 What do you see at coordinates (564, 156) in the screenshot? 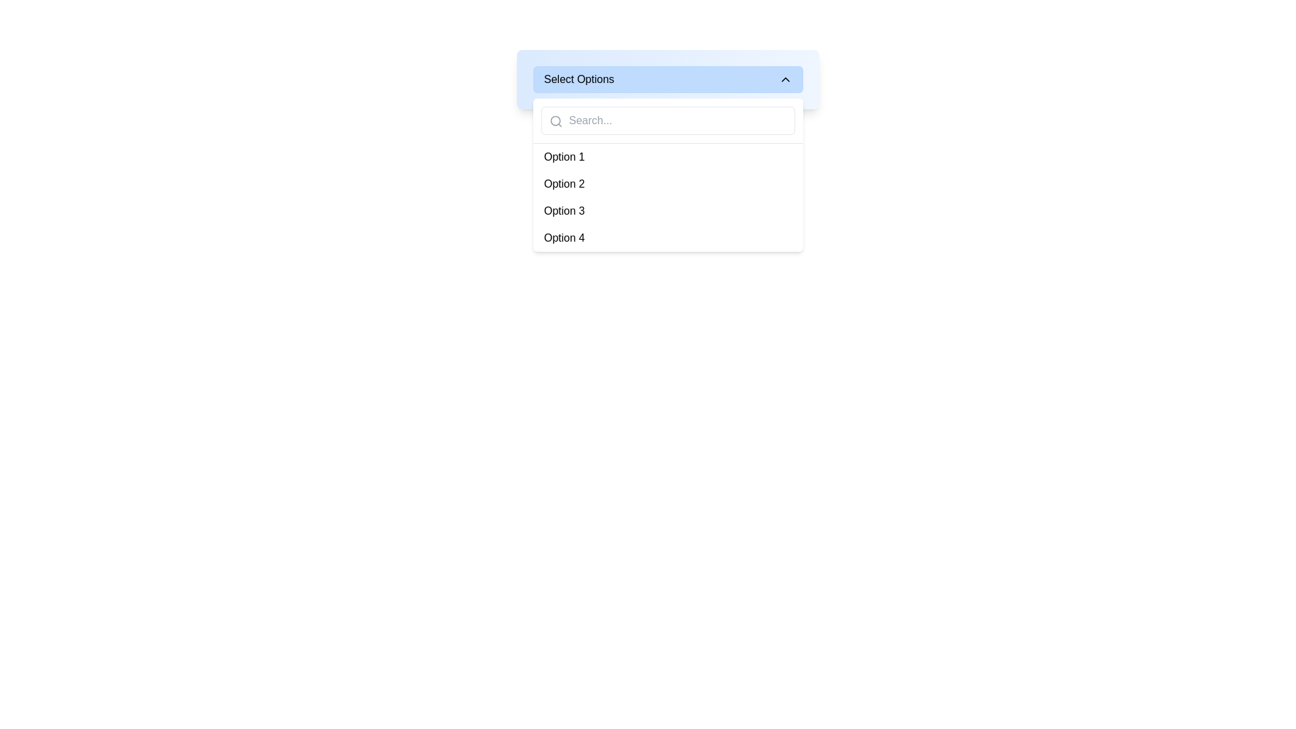
I see `the first option in the dropdown menu labeled 'Select Options'` at bounding box center [564, 156].